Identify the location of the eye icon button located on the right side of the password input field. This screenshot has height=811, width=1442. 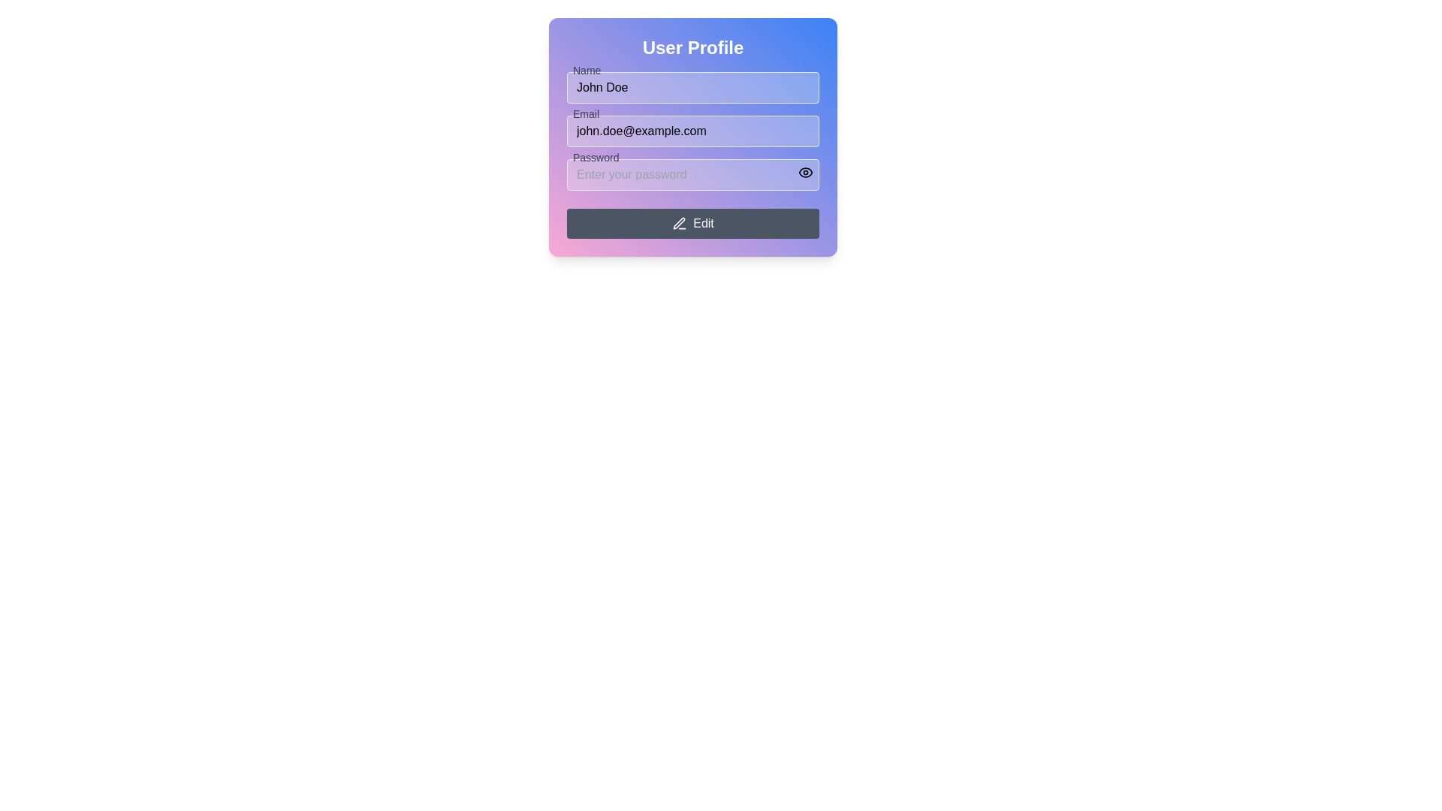
(805, 172).